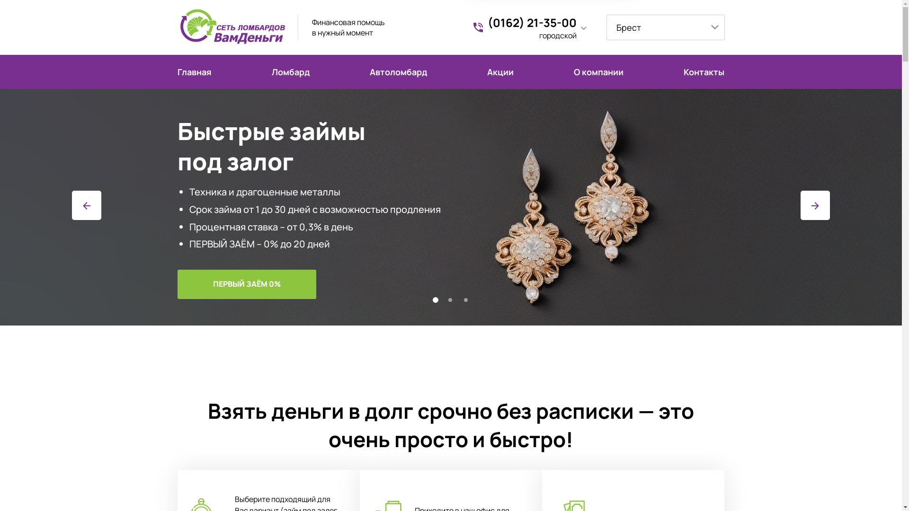  I want to click on '2', so click(447, 301).